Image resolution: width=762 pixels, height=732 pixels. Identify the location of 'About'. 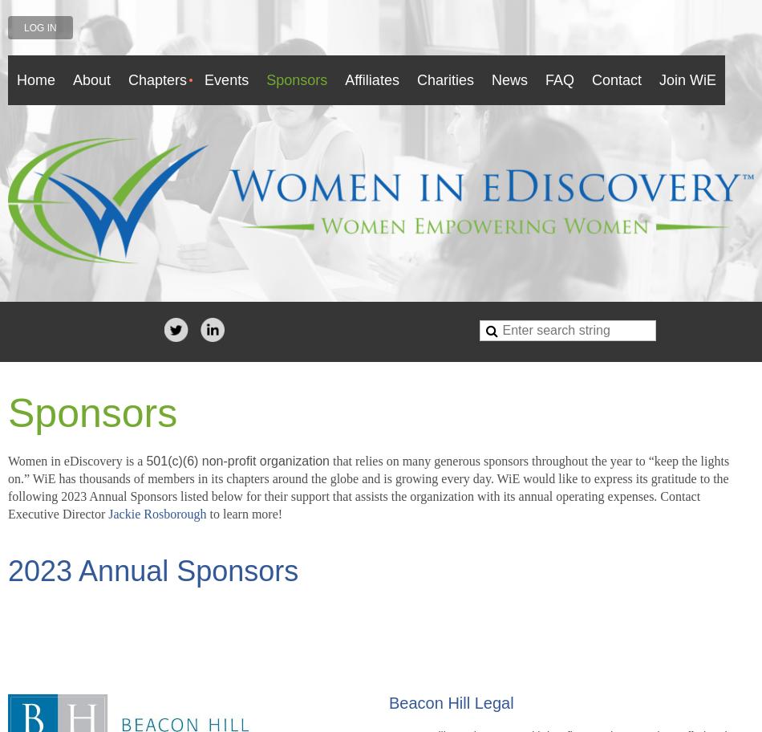
(91, 79).